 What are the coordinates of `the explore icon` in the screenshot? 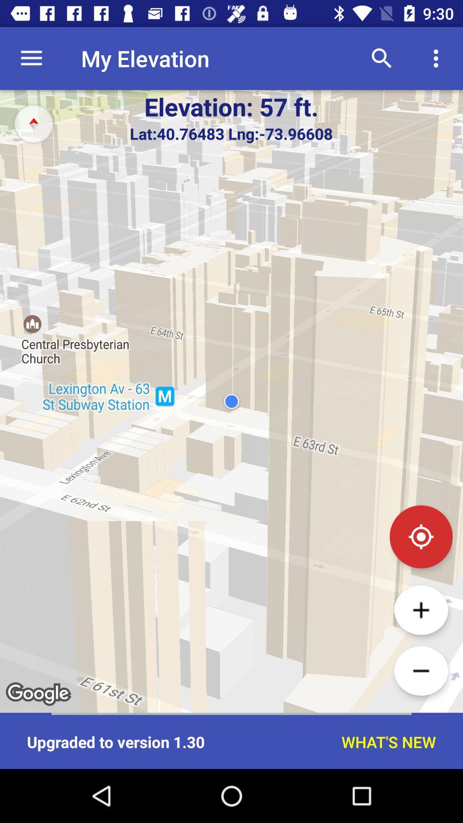 It's located at (33, 123).